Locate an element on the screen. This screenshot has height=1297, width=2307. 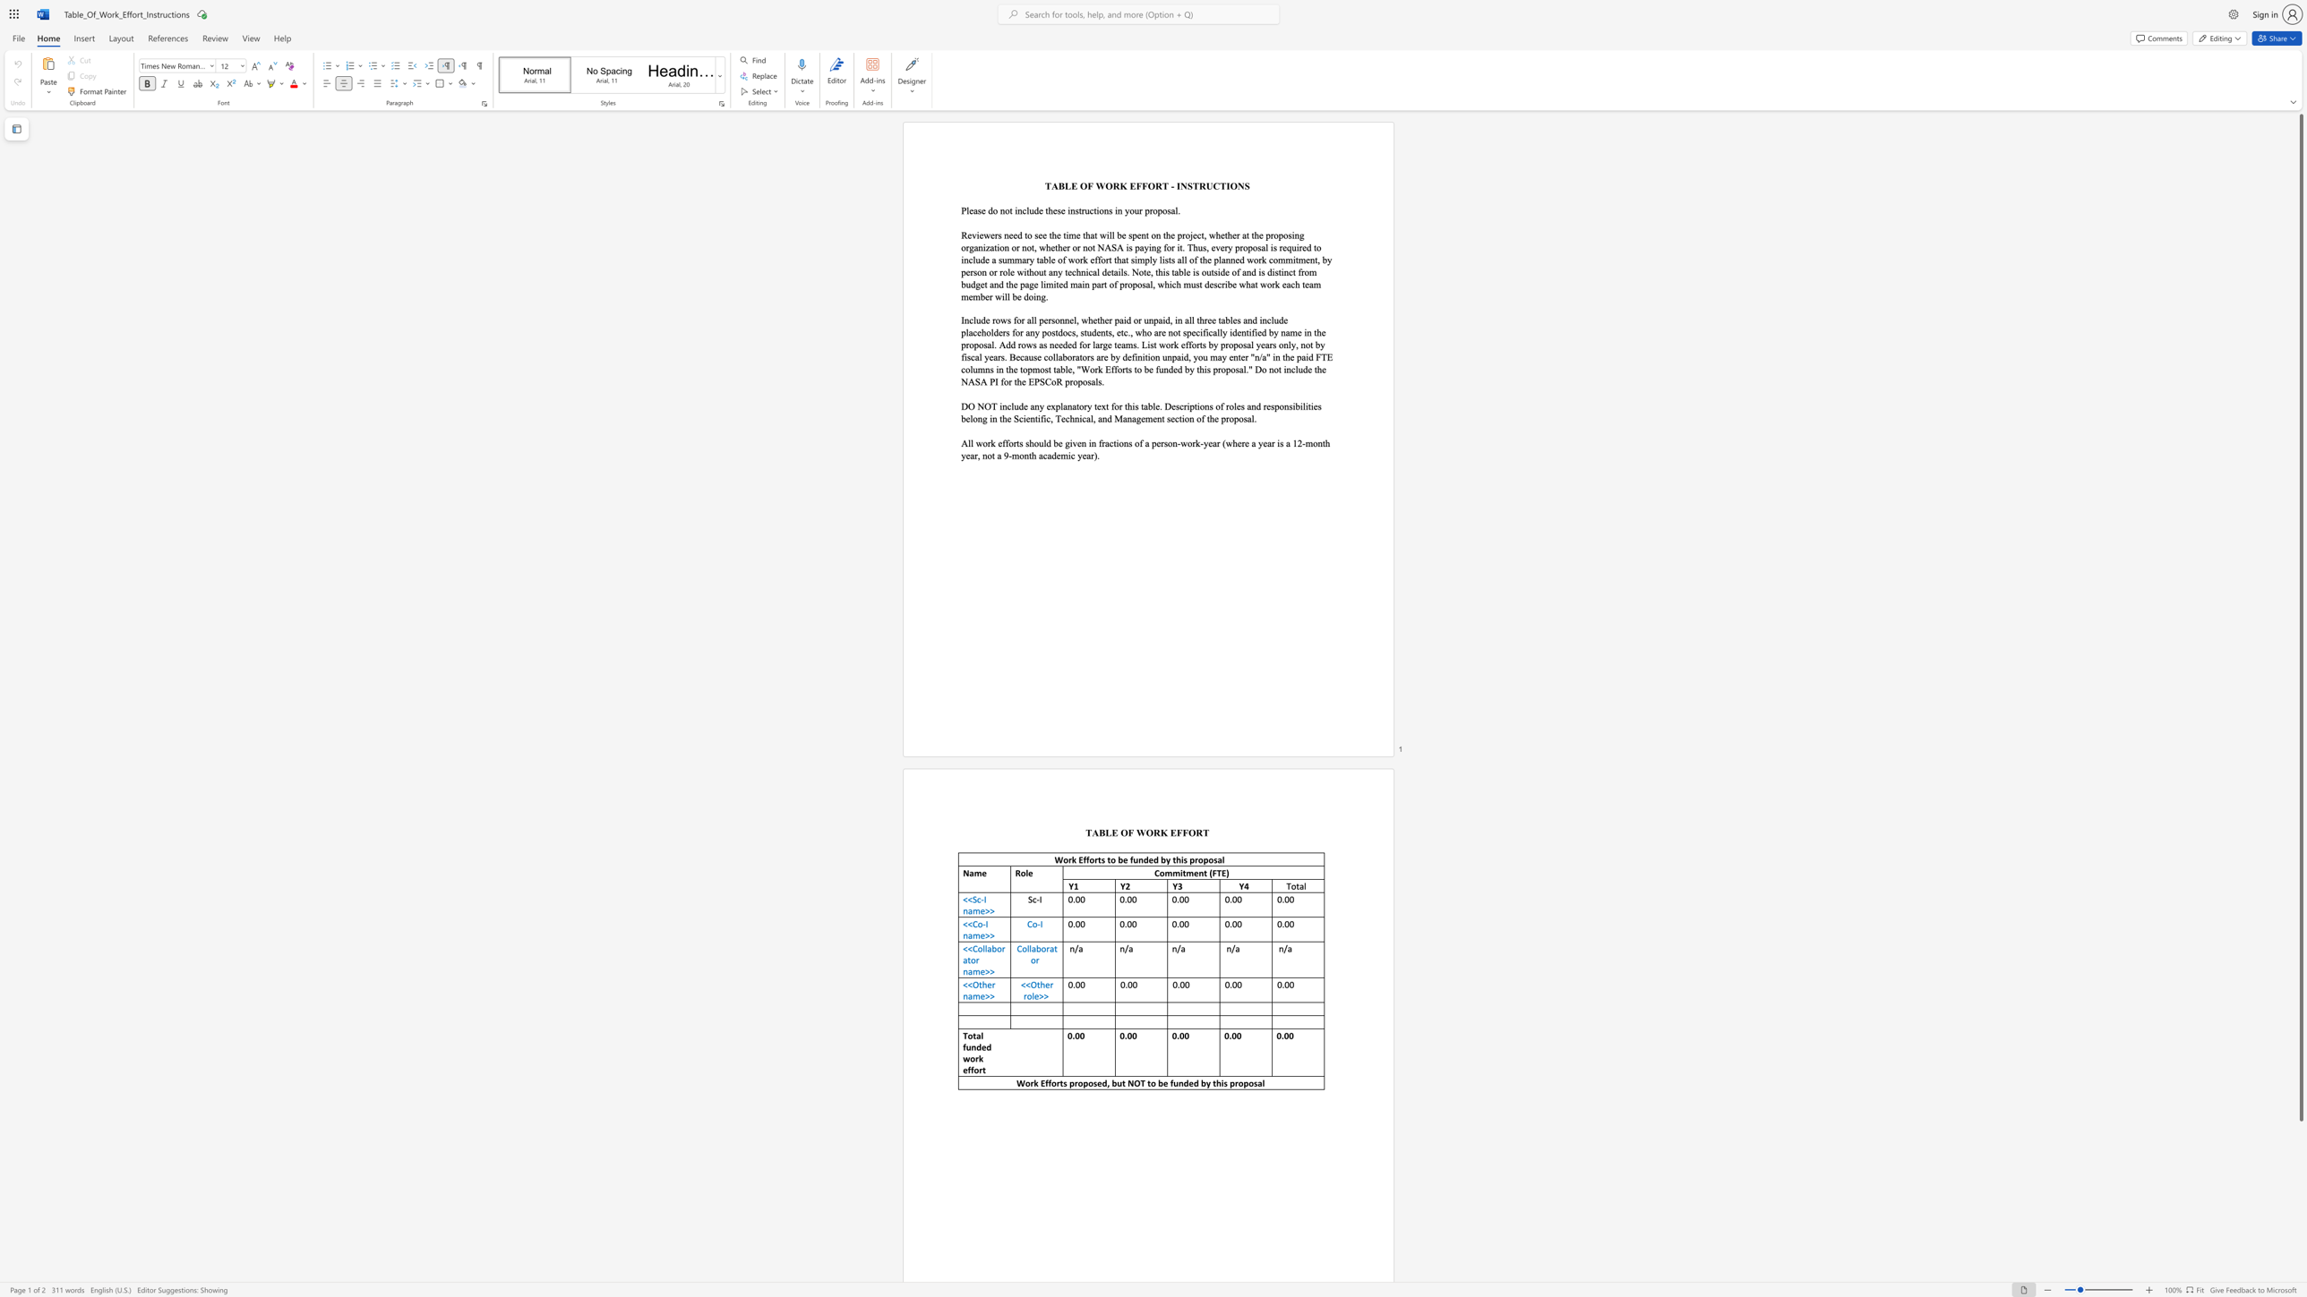
the scrollbar on the right to move the page downward is located at coordinates (2300, 1139).